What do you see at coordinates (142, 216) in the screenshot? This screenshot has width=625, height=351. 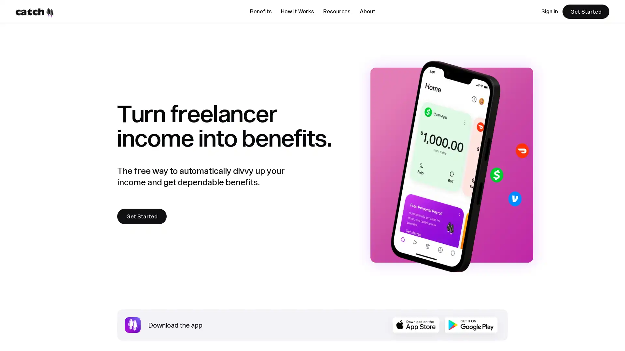 I see `Get Started` at bounding box center [142, 216].